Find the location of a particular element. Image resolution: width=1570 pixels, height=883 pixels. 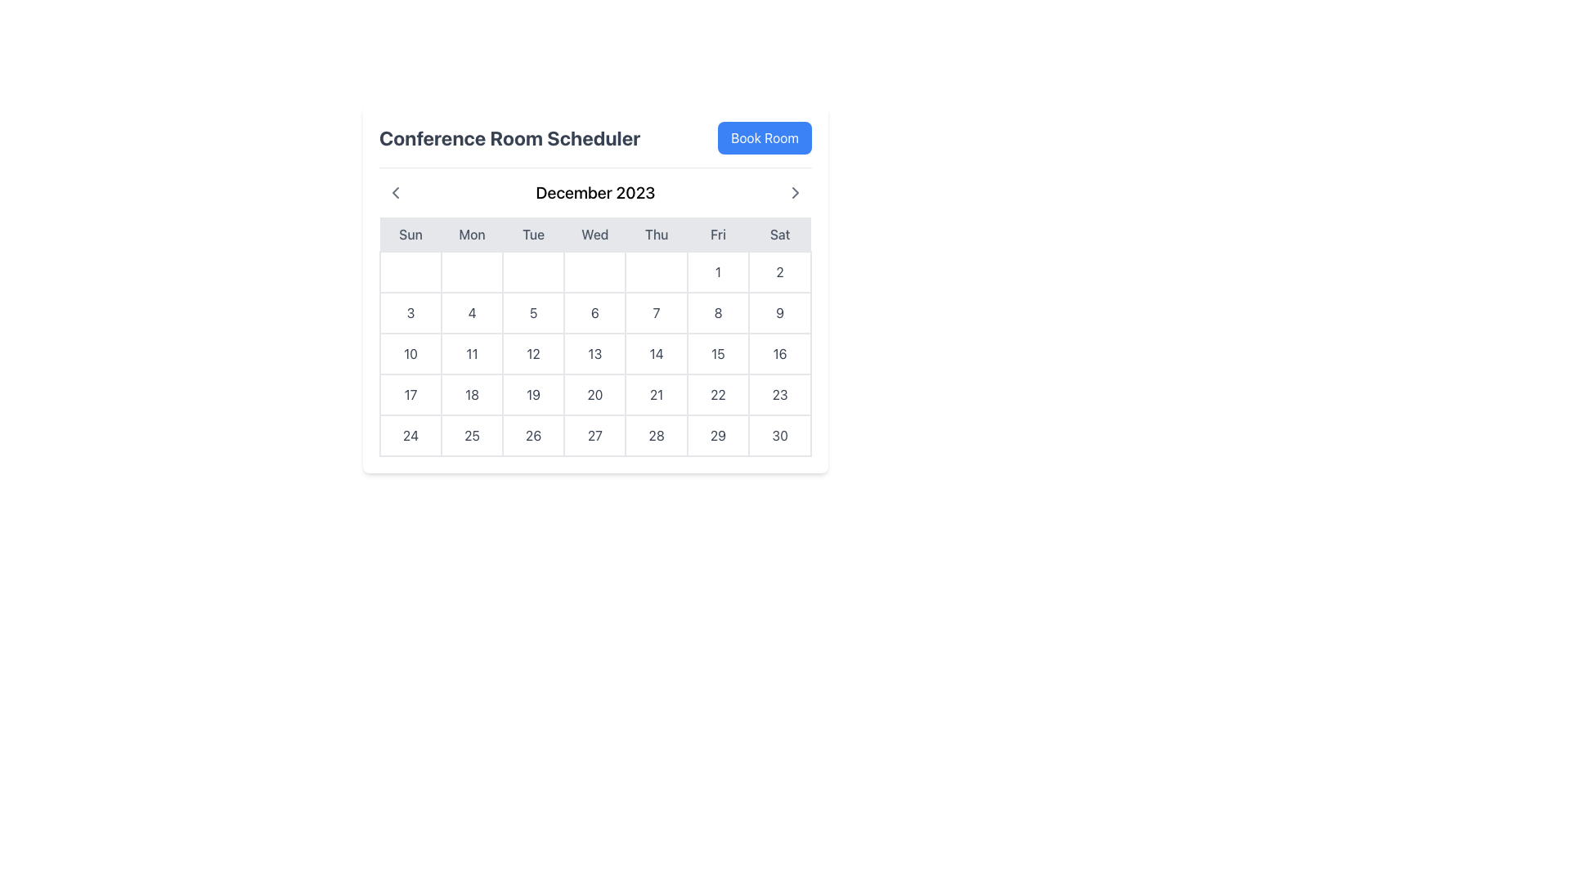

the clickable calendar date cell displaying the number '16' is located at coordinates (779, 352).